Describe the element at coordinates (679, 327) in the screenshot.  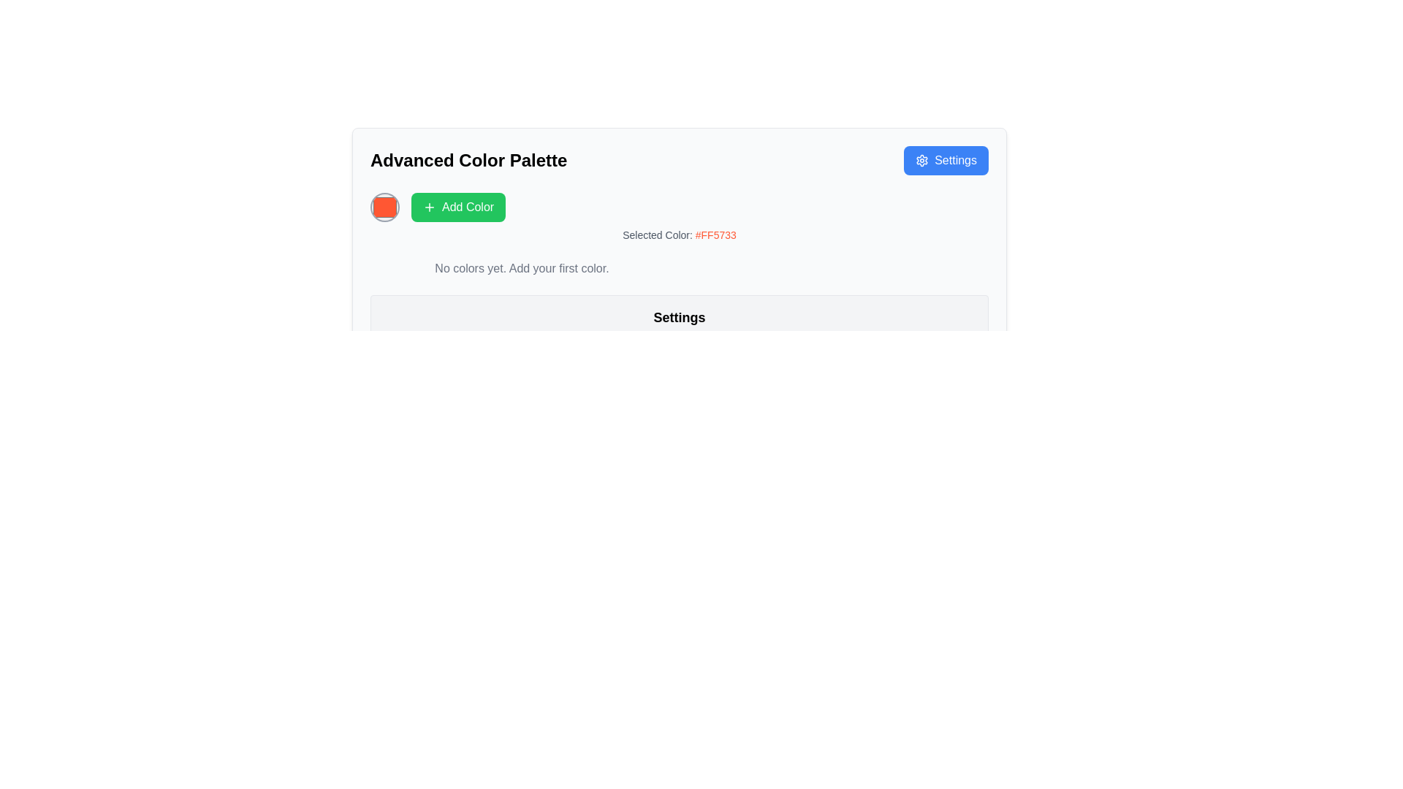
I see `the Informational panel titled 'Settings' which contains the description 'Customize your color palette experience.'` at that location.